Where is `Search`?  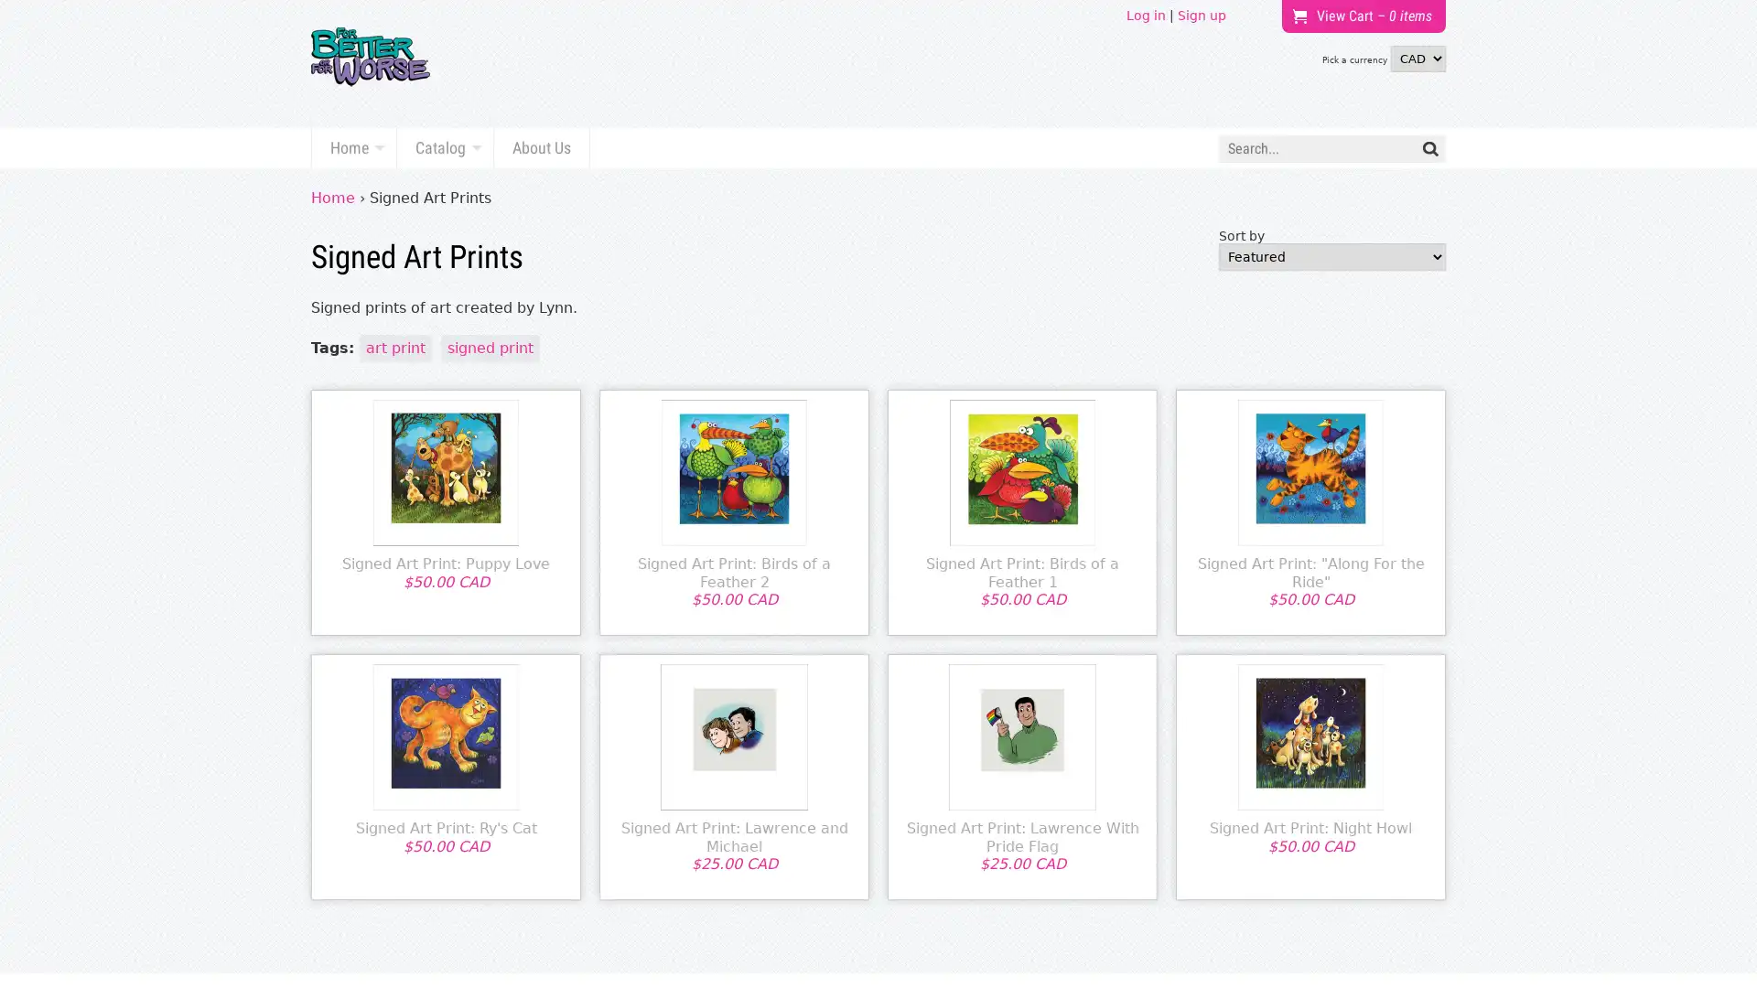
Search is located at coordinates (1429, 147).